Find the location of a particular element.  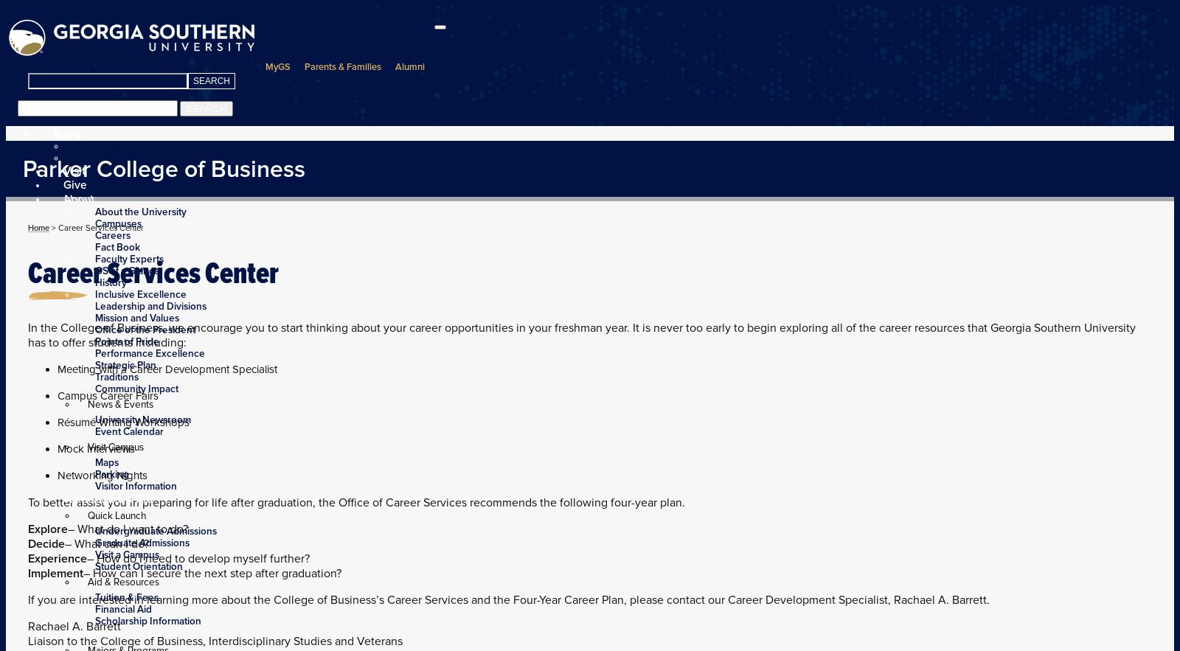

'Mock Interviews' is located at coordinates (95, 448).